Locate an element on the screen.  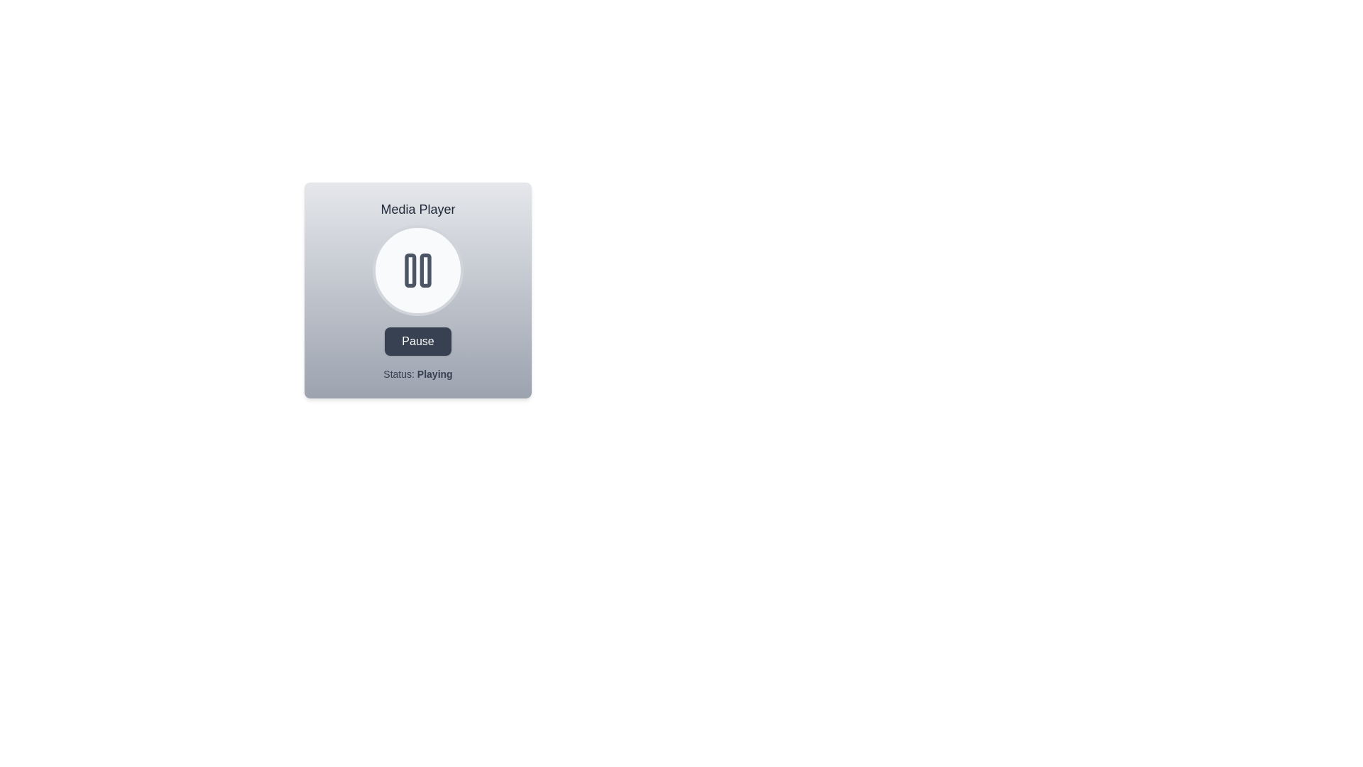
'Pause' button to toggle the play state is located at coordinates (417, 342).